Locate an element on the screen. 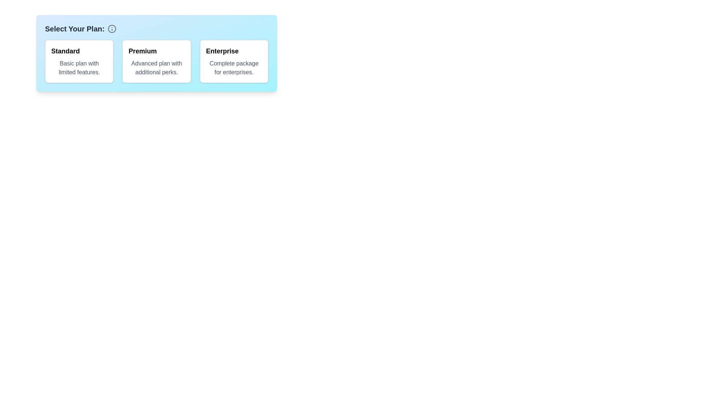 The height and width of the screenshot is (395, 703). text of the Heading or Title Text for the 'Enterprise' plan option, which is centered within the third choice card under 'Select Your Plan' is located at coordinates (222, 50).